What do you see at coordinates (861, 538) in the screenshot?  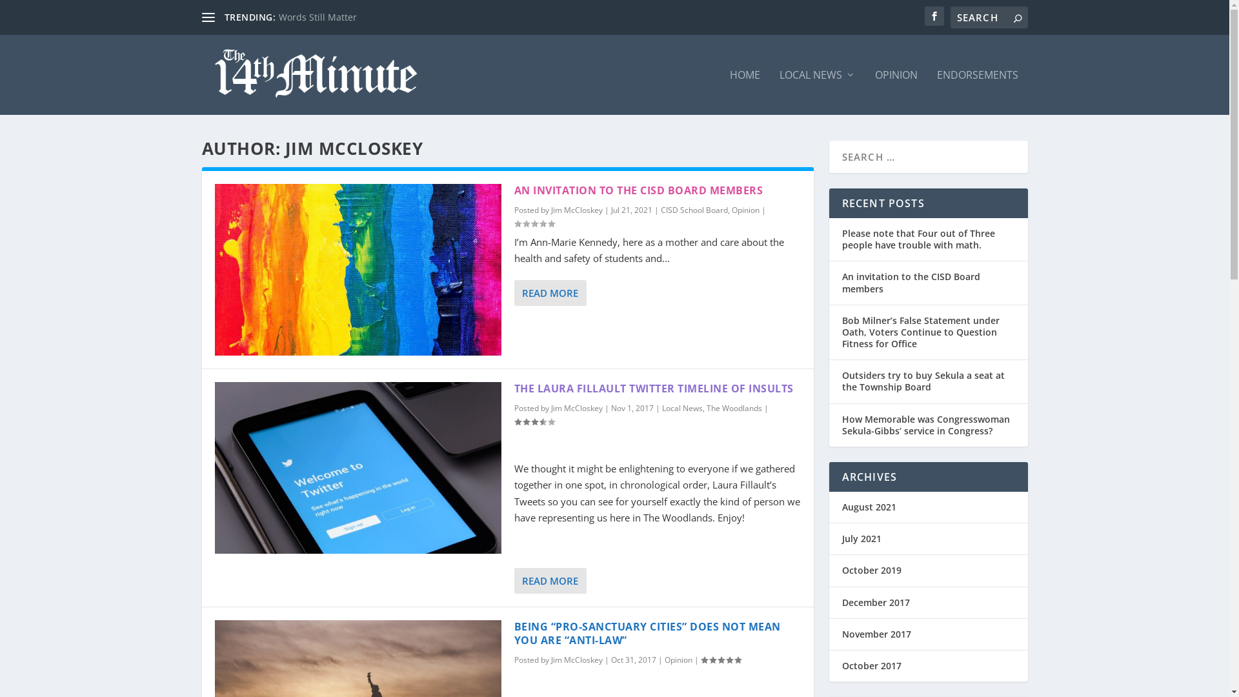 I see `'July 2021'` at bounding box center [861, 538].